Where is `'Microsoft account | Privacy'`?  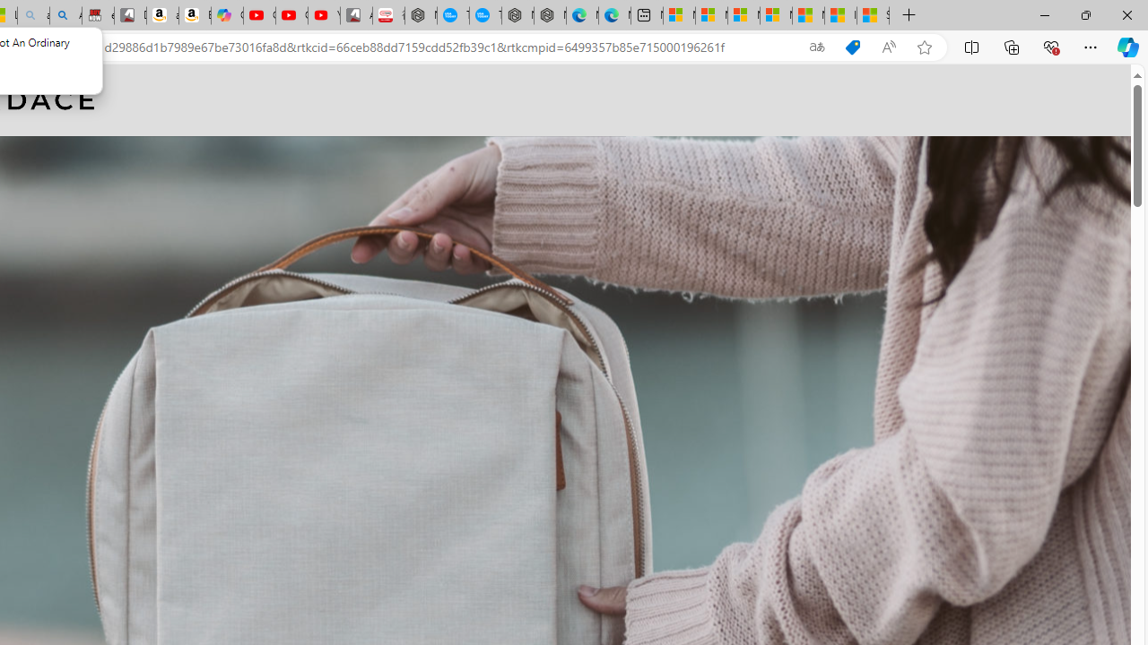
'Microsoft account | Privacy' is located at coordinates (776, 15).